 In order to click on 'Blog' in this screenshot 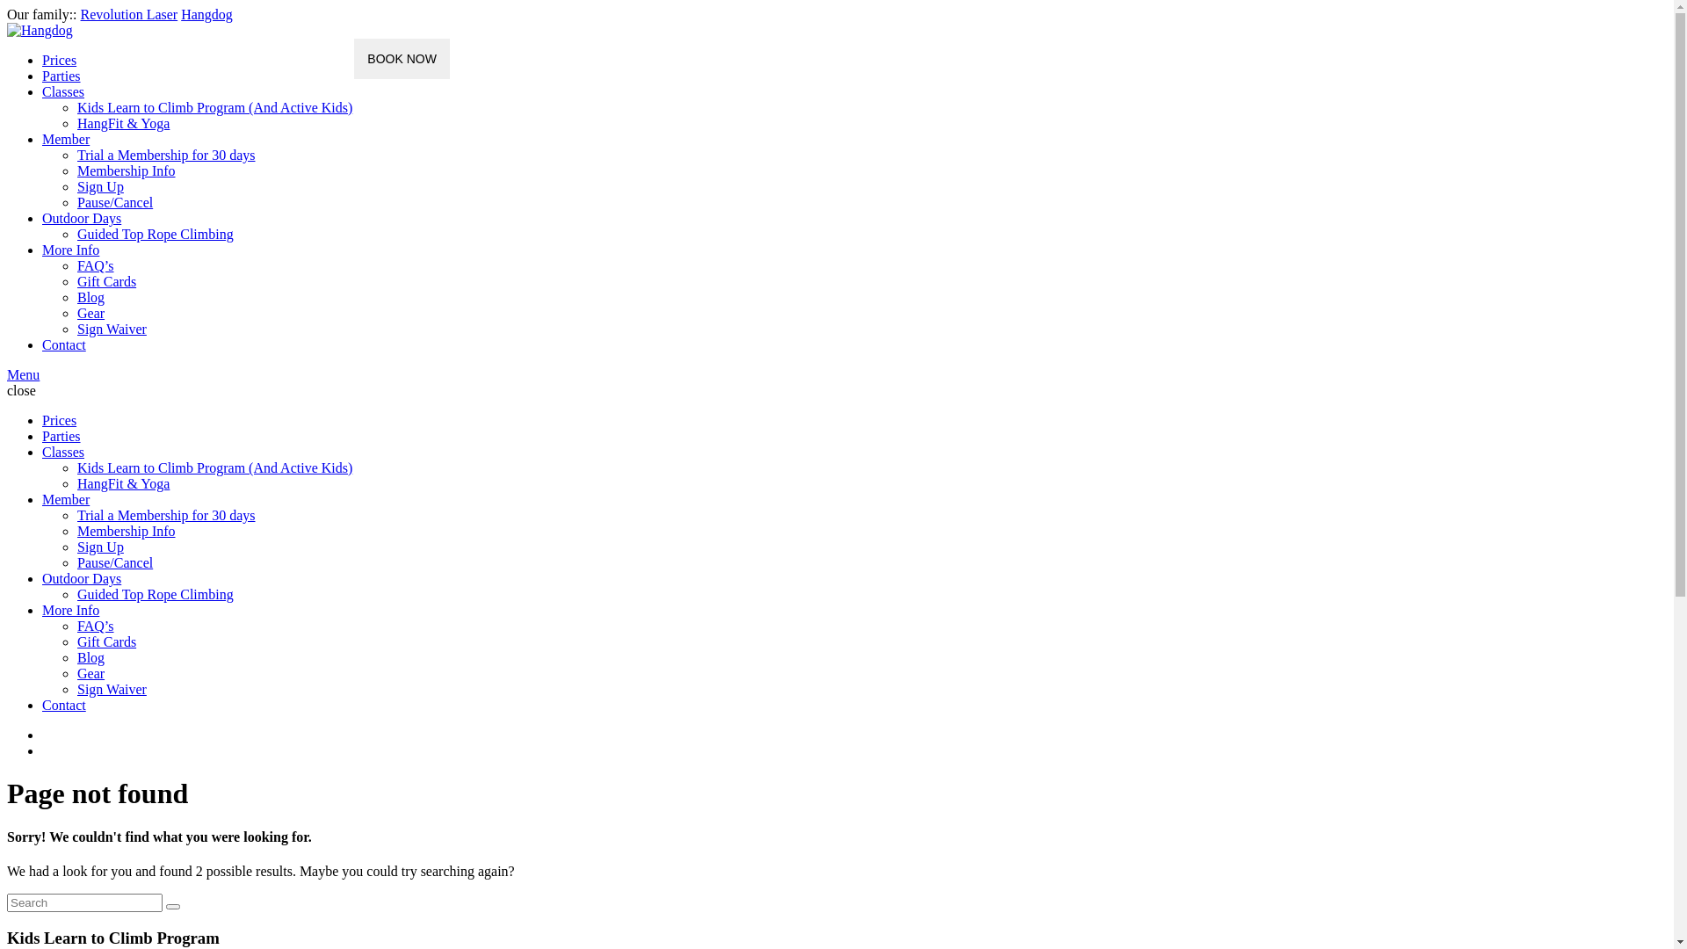, I will do `click(90, 296)`.